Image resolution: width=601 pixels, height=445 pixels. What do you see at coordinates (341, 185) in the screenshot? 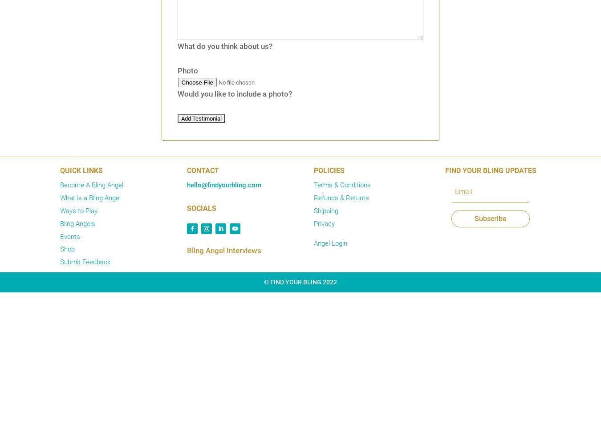
I see `'Terms & Conditions'` at bounding box center [341, 185].